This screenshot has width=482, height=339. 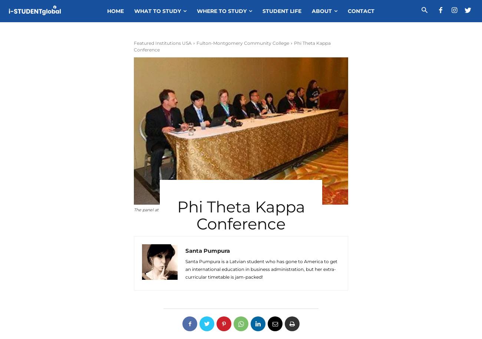 I want to click on 'Santa Pumpura', so click(x=185, y=250).